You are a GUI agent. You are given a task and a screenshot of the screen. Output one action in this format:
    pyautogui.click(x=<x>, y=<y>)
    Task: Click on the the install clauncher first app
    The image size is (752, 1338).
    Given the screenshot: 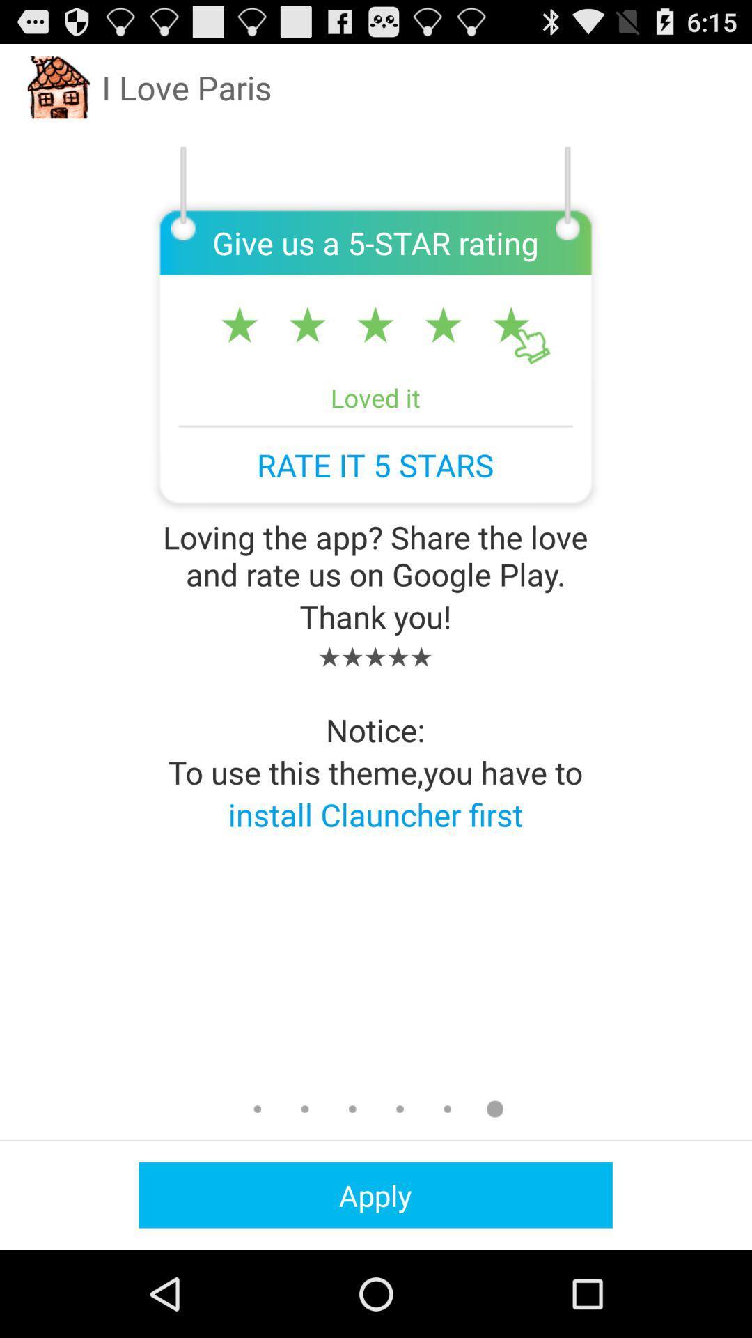 What is the action you would take?
    pyautogui.click(x=375, y=814)
    